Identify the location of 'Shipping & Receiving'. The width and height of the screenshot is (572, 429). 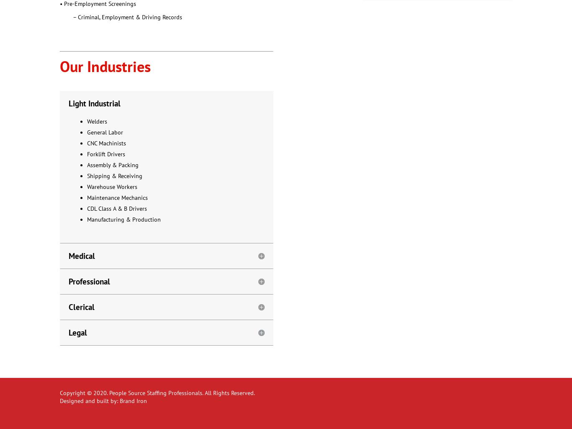
(115, 175).